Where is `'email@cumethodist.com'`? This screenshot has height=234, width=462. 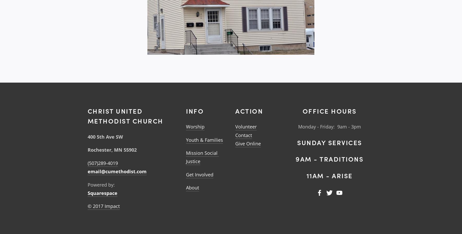 'email@cumethodist.com' is located at coordinates (87, 171).